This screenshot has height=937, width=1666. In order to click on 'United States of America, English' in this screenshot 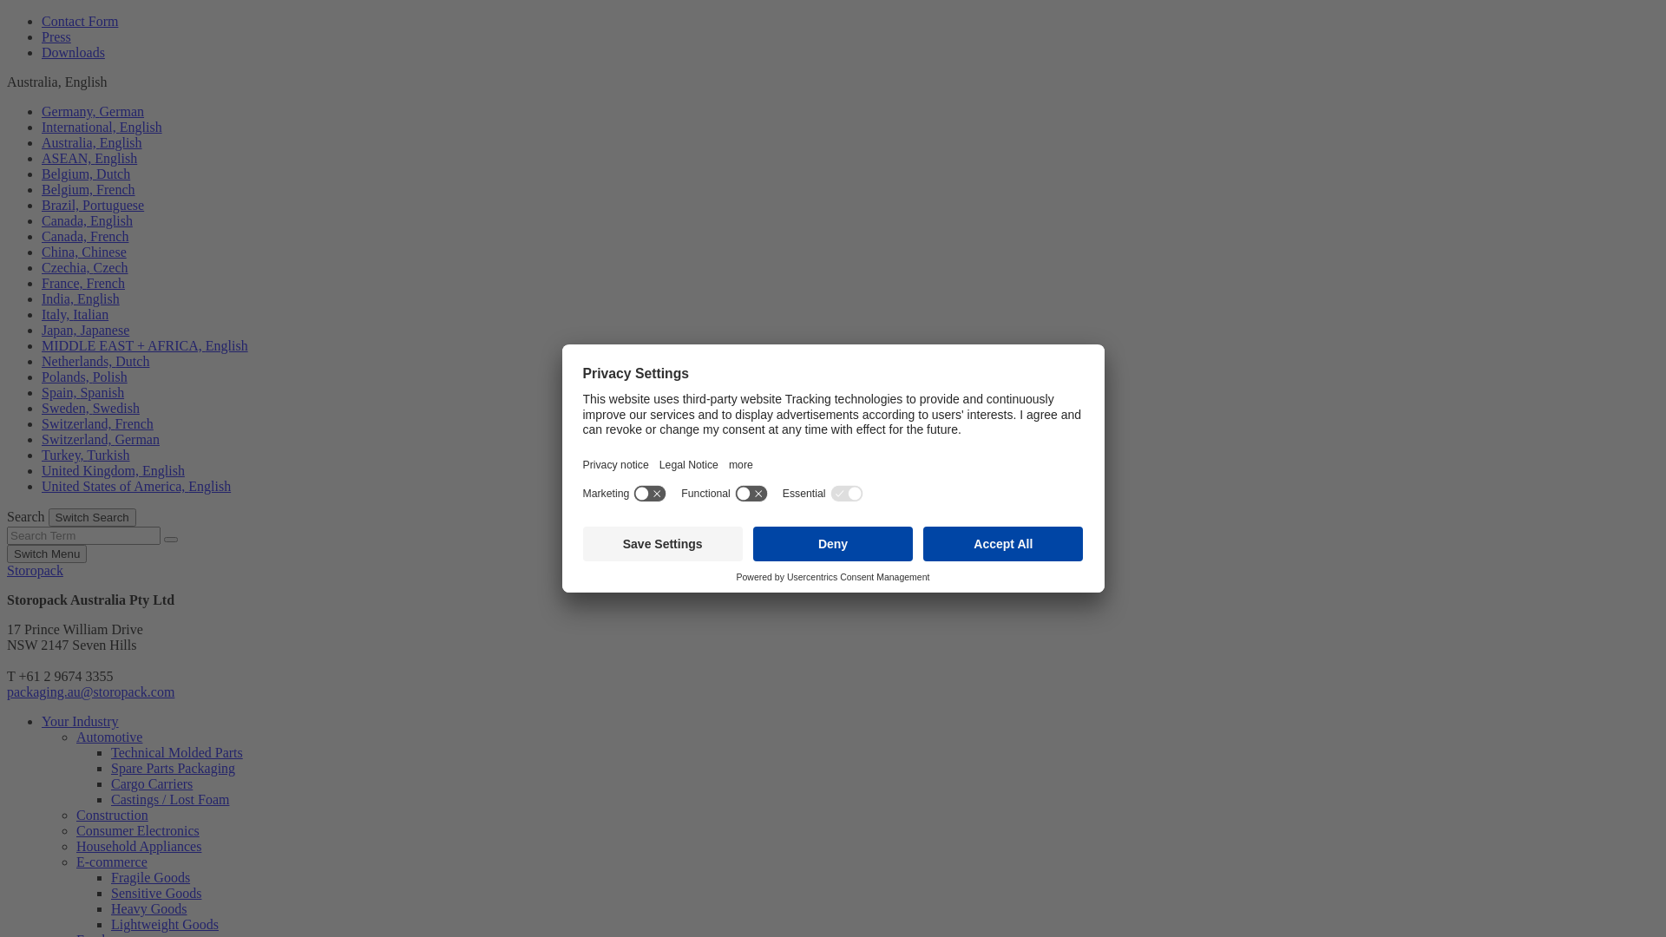, I will do `click(135, 486)`.